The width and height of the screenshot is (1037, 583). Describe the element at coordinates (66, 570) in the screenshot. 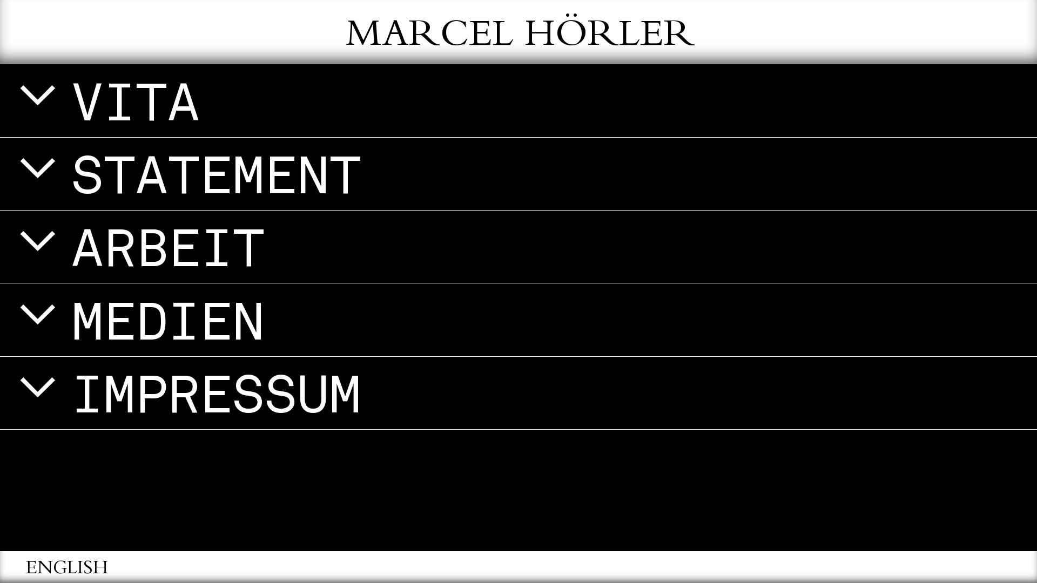

I see `'ENGLISH'` at that location.